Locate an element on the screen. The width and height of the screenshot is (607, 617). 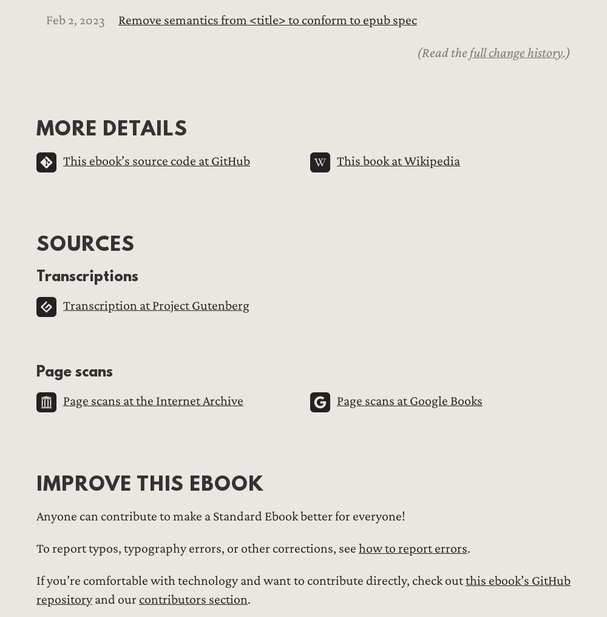
'Read the' is located at coordinates (445, 52).